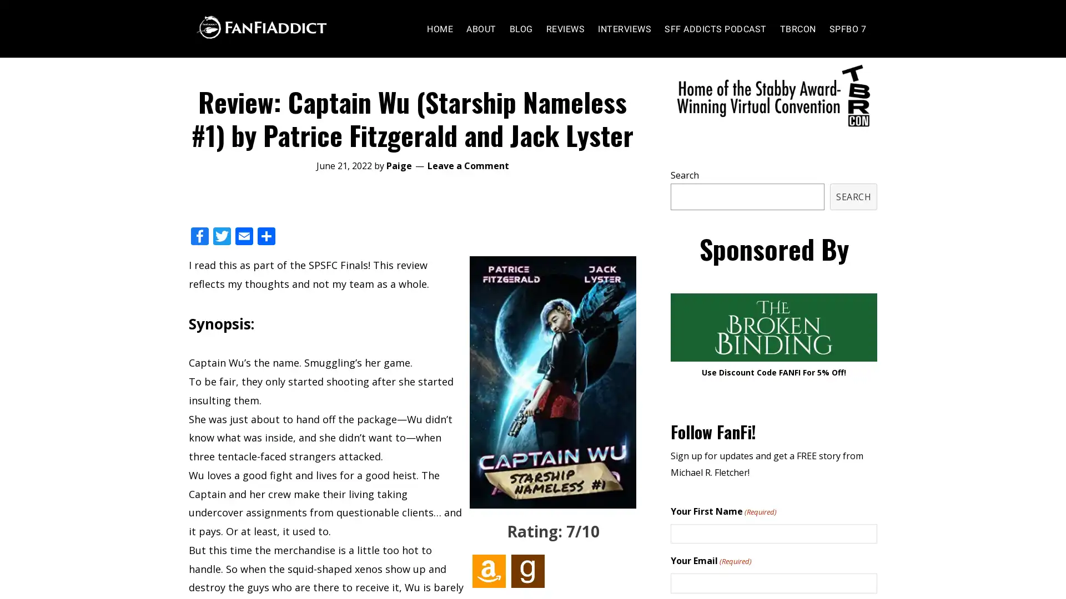  What do you see at coordinates (853, 218) in the screenshot?
I see `SEARCH` at bounding box center [853, 218].